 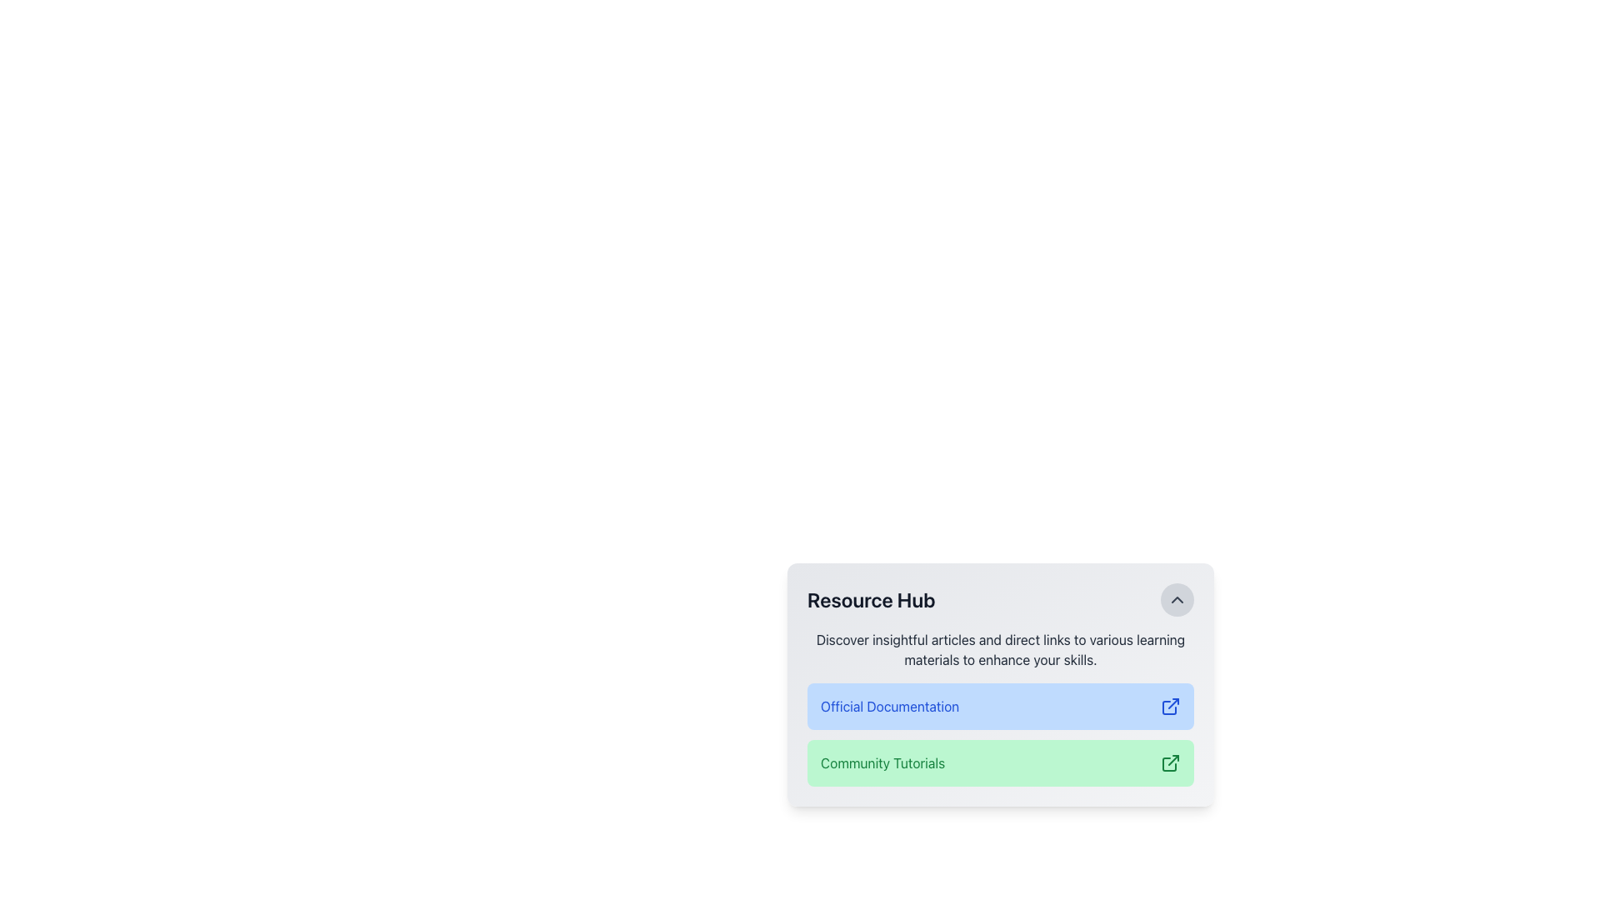 I want to click on the blue rectangular button labeled 'Official Documentation' to visualize its hover effects, so click(x=1000, y=707).